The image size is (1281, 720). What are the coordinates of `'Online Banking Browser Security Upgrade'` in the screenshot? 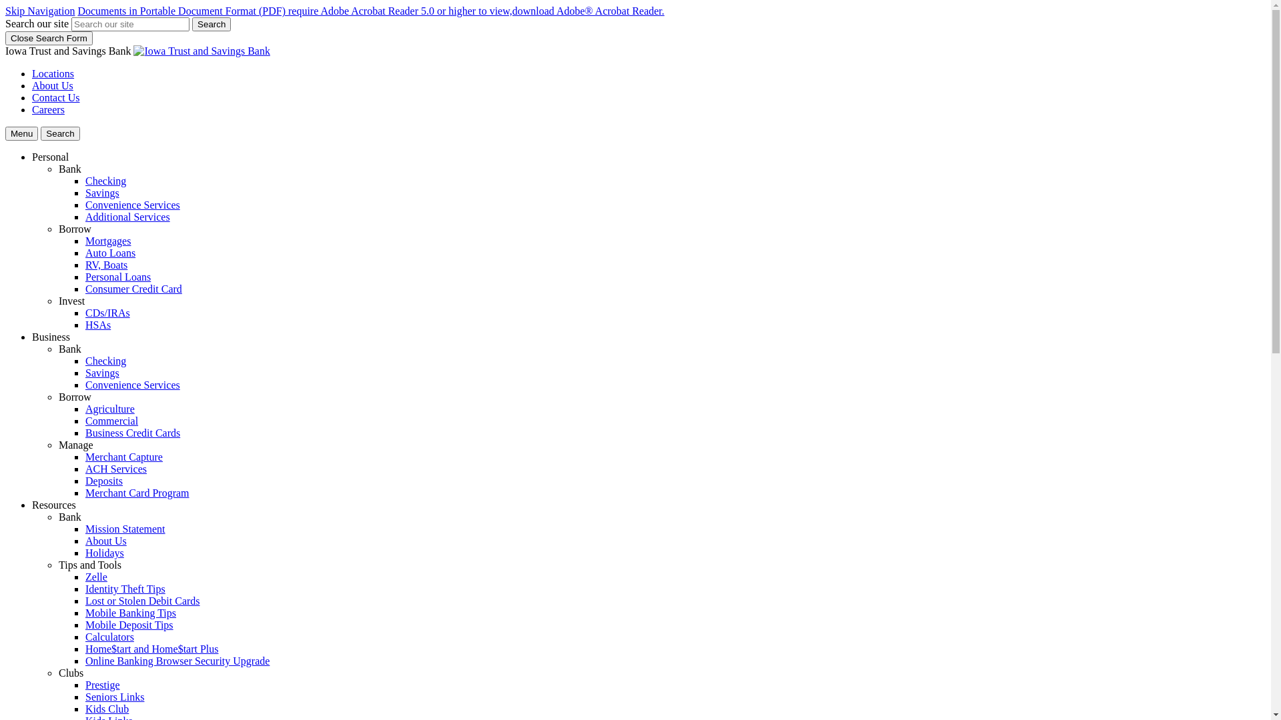 It's located at (176, 661).